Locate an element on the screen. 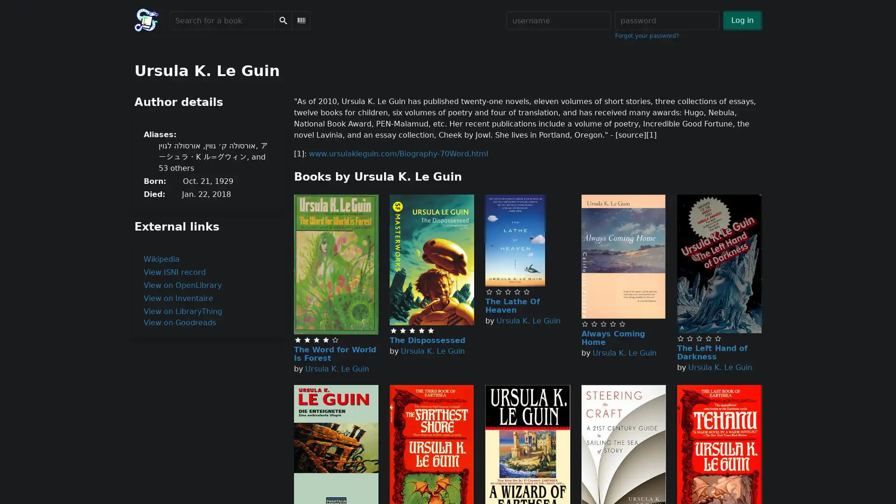 Image resolution: width=896 pixels, height=504 pixels. Search is located at coordinates (282, 20).